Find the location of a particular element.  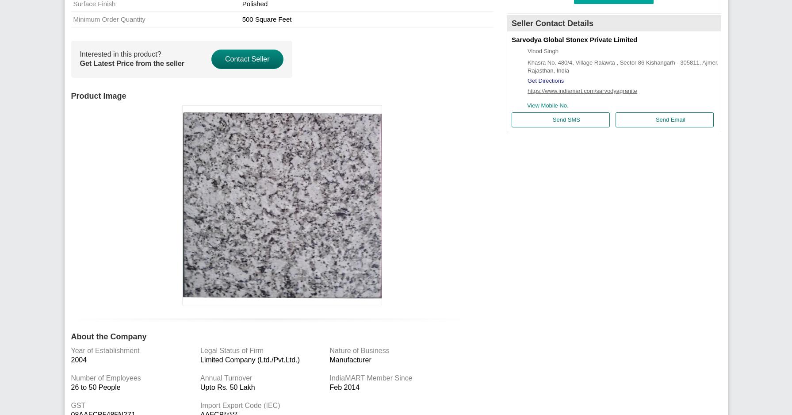

'Limited Company (Ltd./Pvt.Ltd.)' is located at coordinates (250, 360).